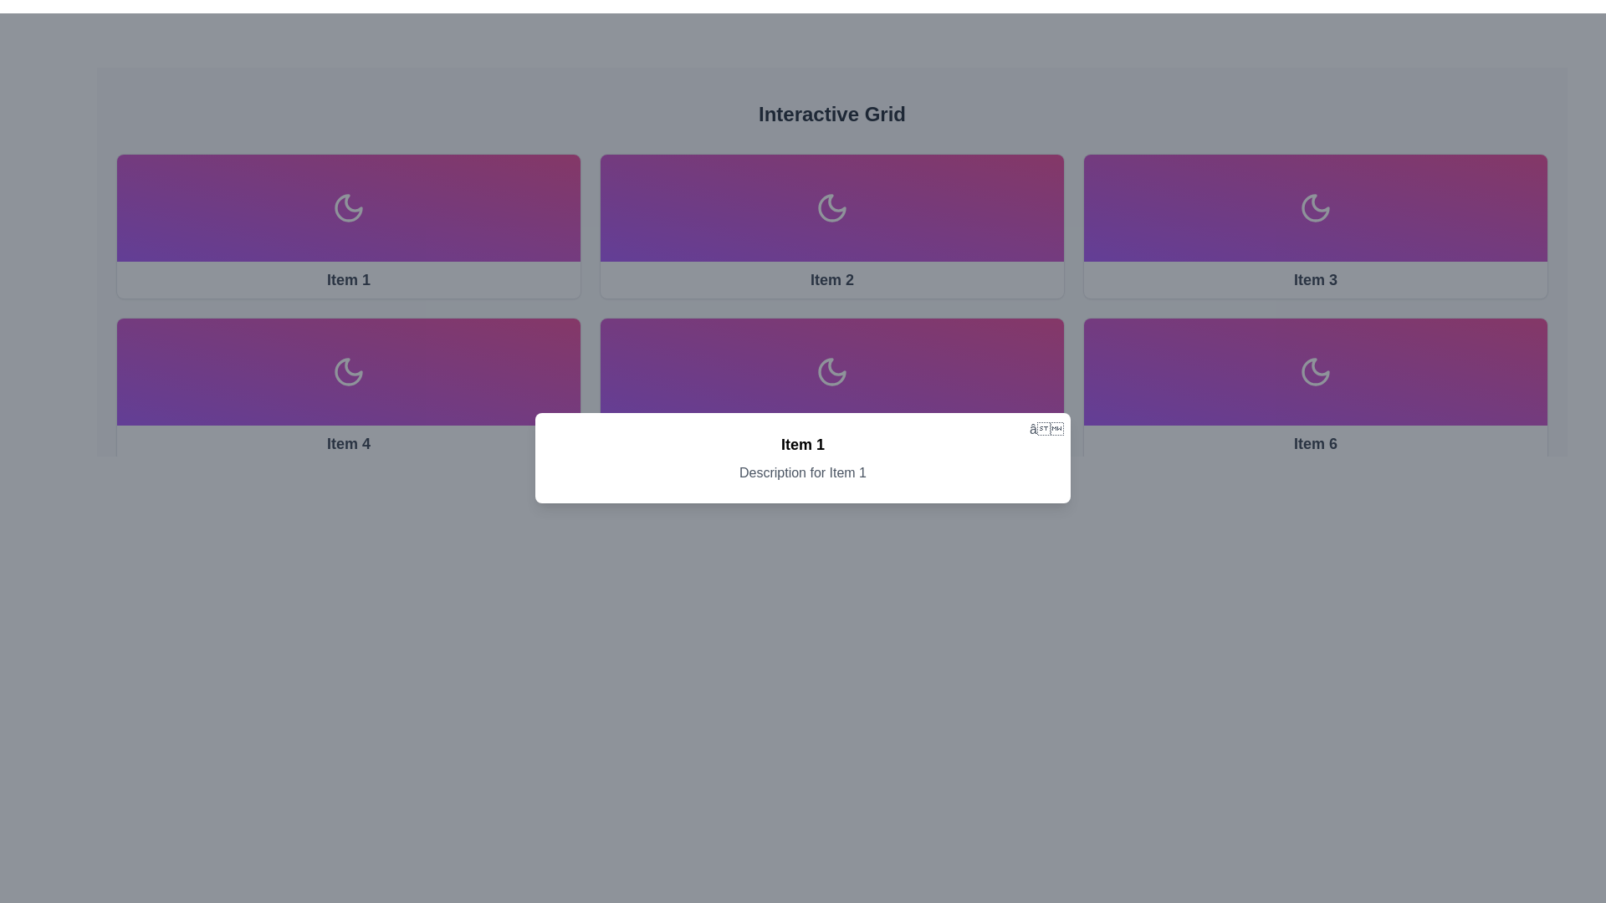 The image size is (1606, 903). I want to click on the crescent moon icon styled in white on a purple background, located in the lower-left card of the interactive grid layout, corresponding to 'Item 4', so click(348, 370).